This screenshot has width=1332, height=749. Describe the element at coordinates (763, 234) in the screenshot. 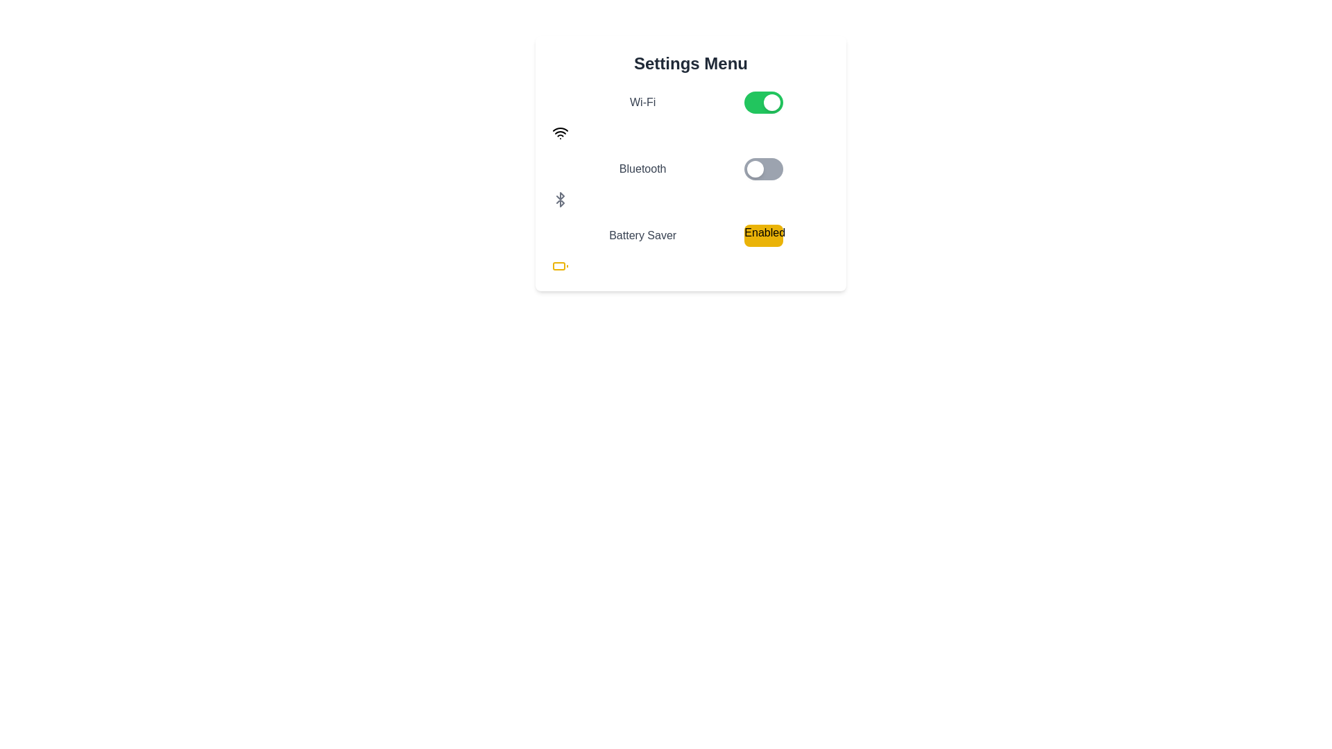

I see `the Static Indicator indicating the 'Enabled' state of the 'Battery Saver' feature, located in the third row of the settings menu interface, to the right of the 'Battery Saver' label` at that location.